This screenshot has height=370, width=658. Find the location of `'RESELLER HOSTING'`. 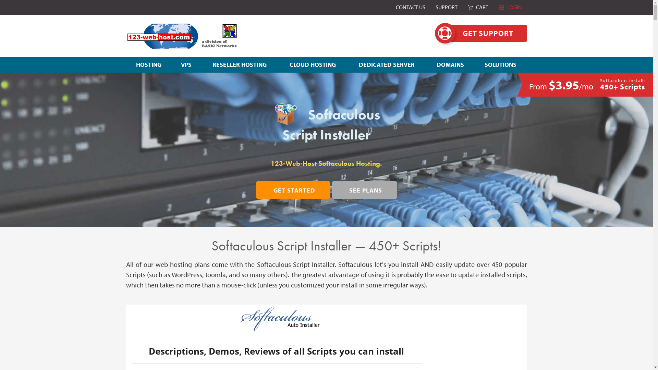

'RESELLER HOSTING' is located at coordinates (240, 64).